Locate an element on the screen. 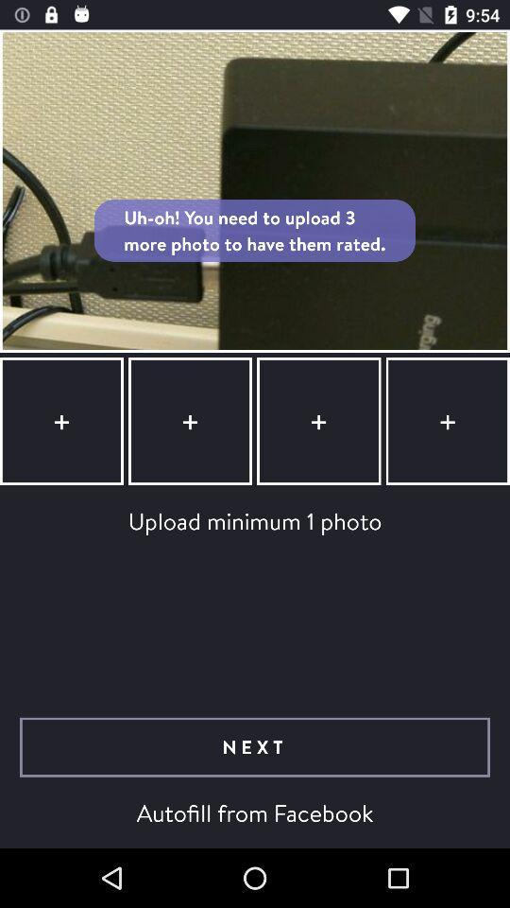  the item above autofill from facebook icon is located at coordinates (255, 747).